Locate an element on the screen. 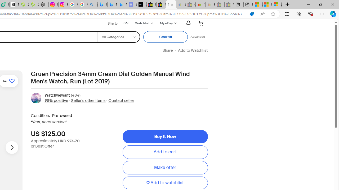 This screenshot has height=190, width=339. 'Buy It Now' is located at coordinates (165, 136).